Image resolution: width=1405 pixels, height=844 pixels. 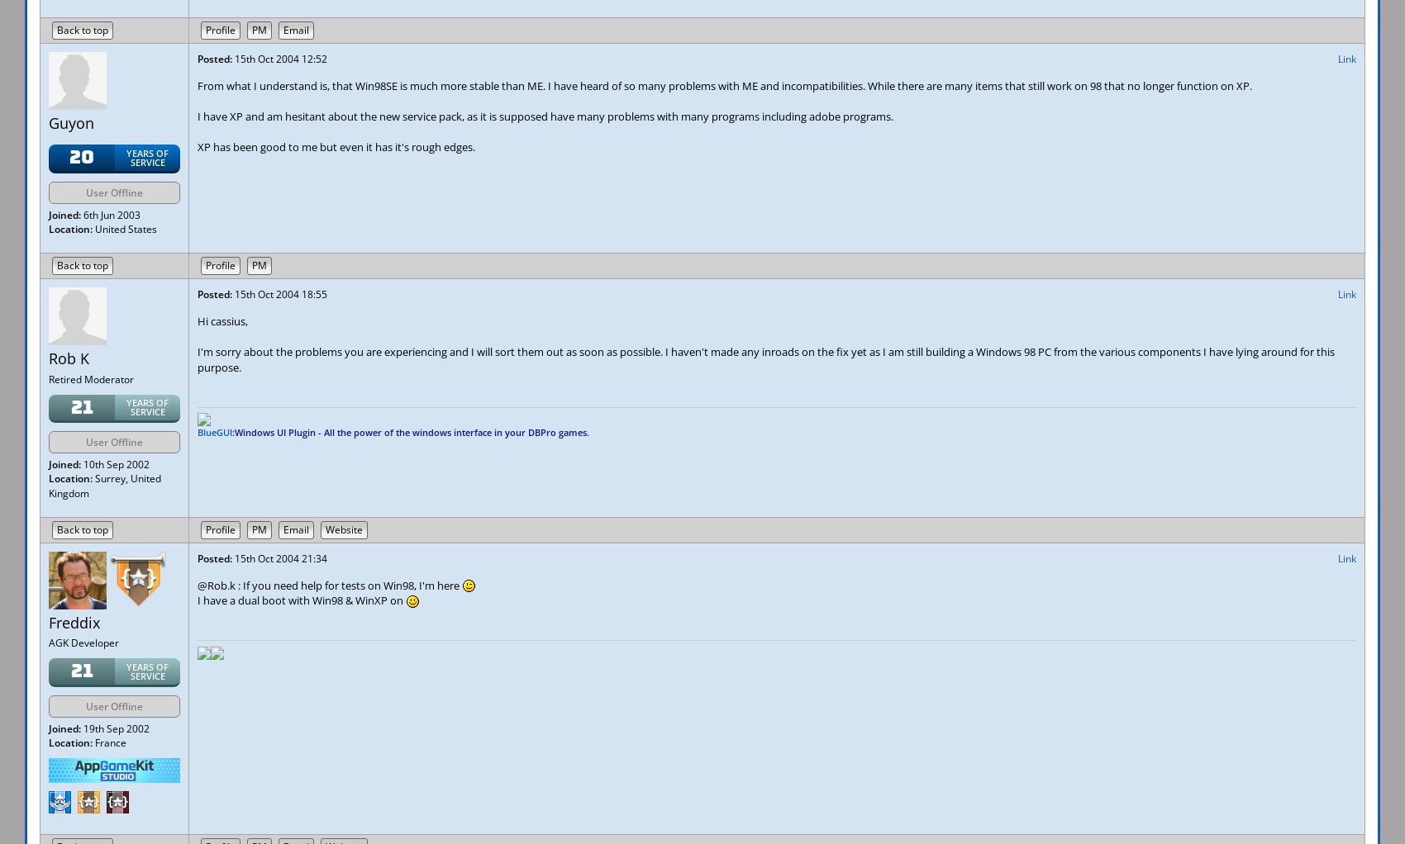 What do you see at coordinates (232, 294) in the screenshot?
I see `'15th Oct 2004 18:55'` at bounding box center [232, 294].